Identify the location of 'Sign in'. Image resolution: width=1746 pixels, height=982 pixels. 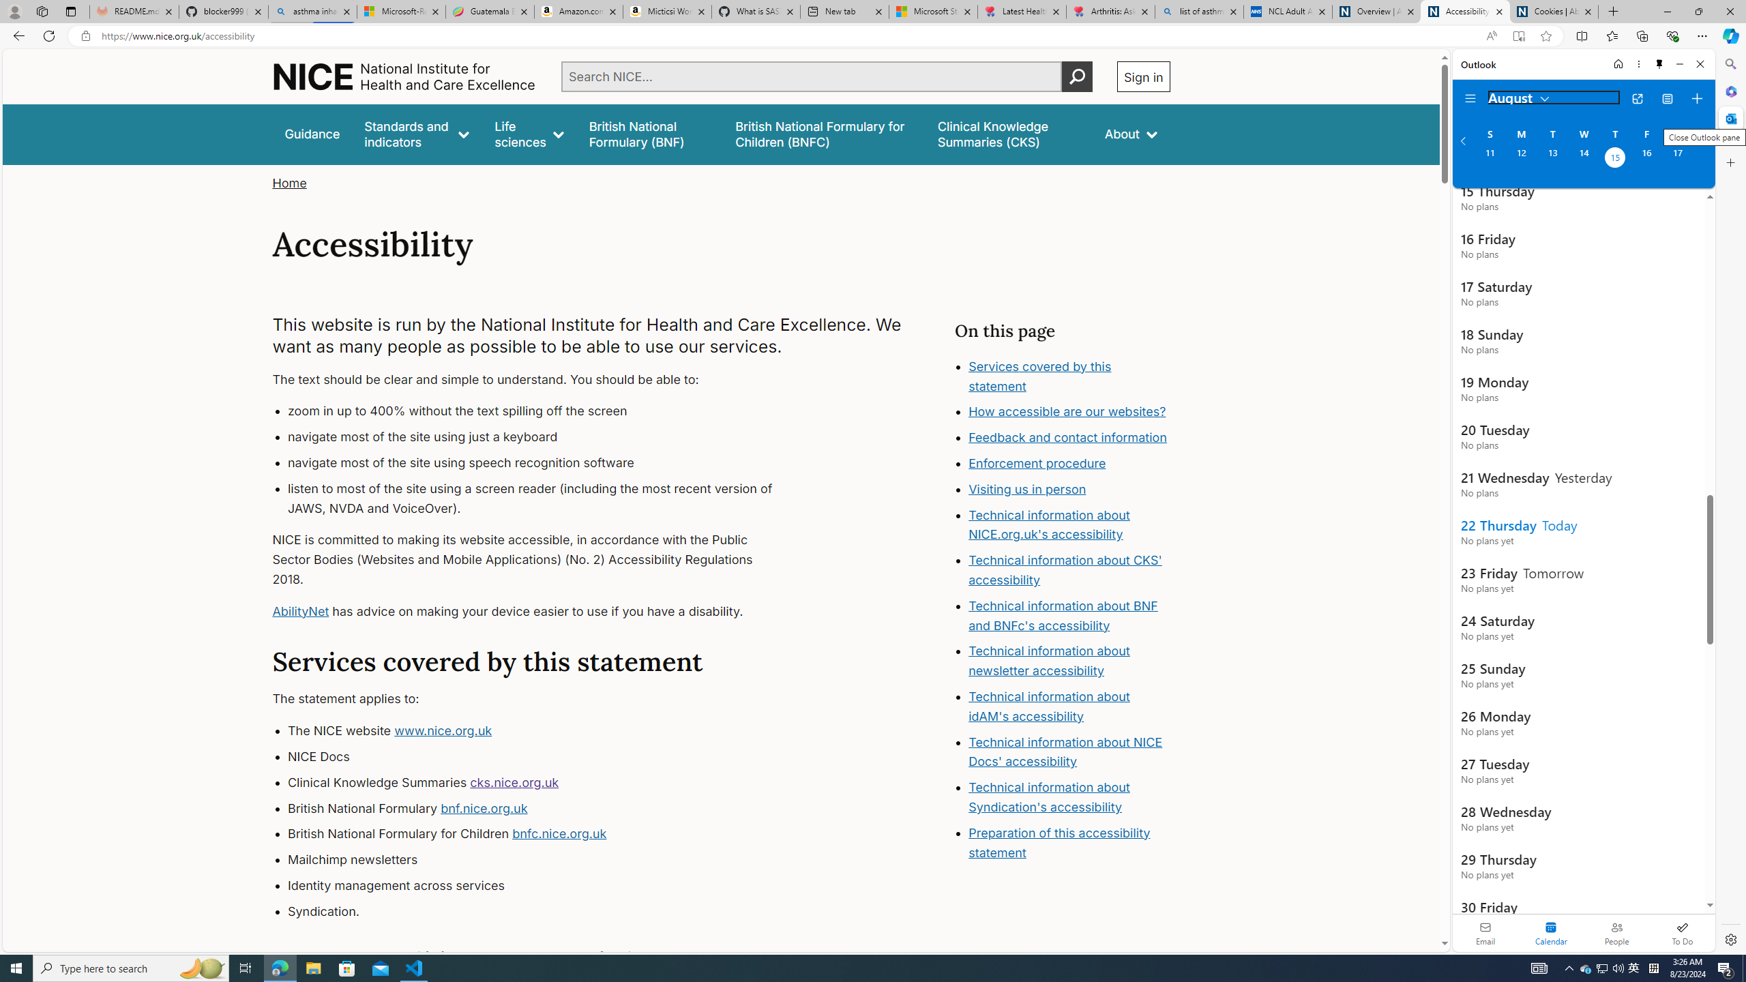
(1142, 76).